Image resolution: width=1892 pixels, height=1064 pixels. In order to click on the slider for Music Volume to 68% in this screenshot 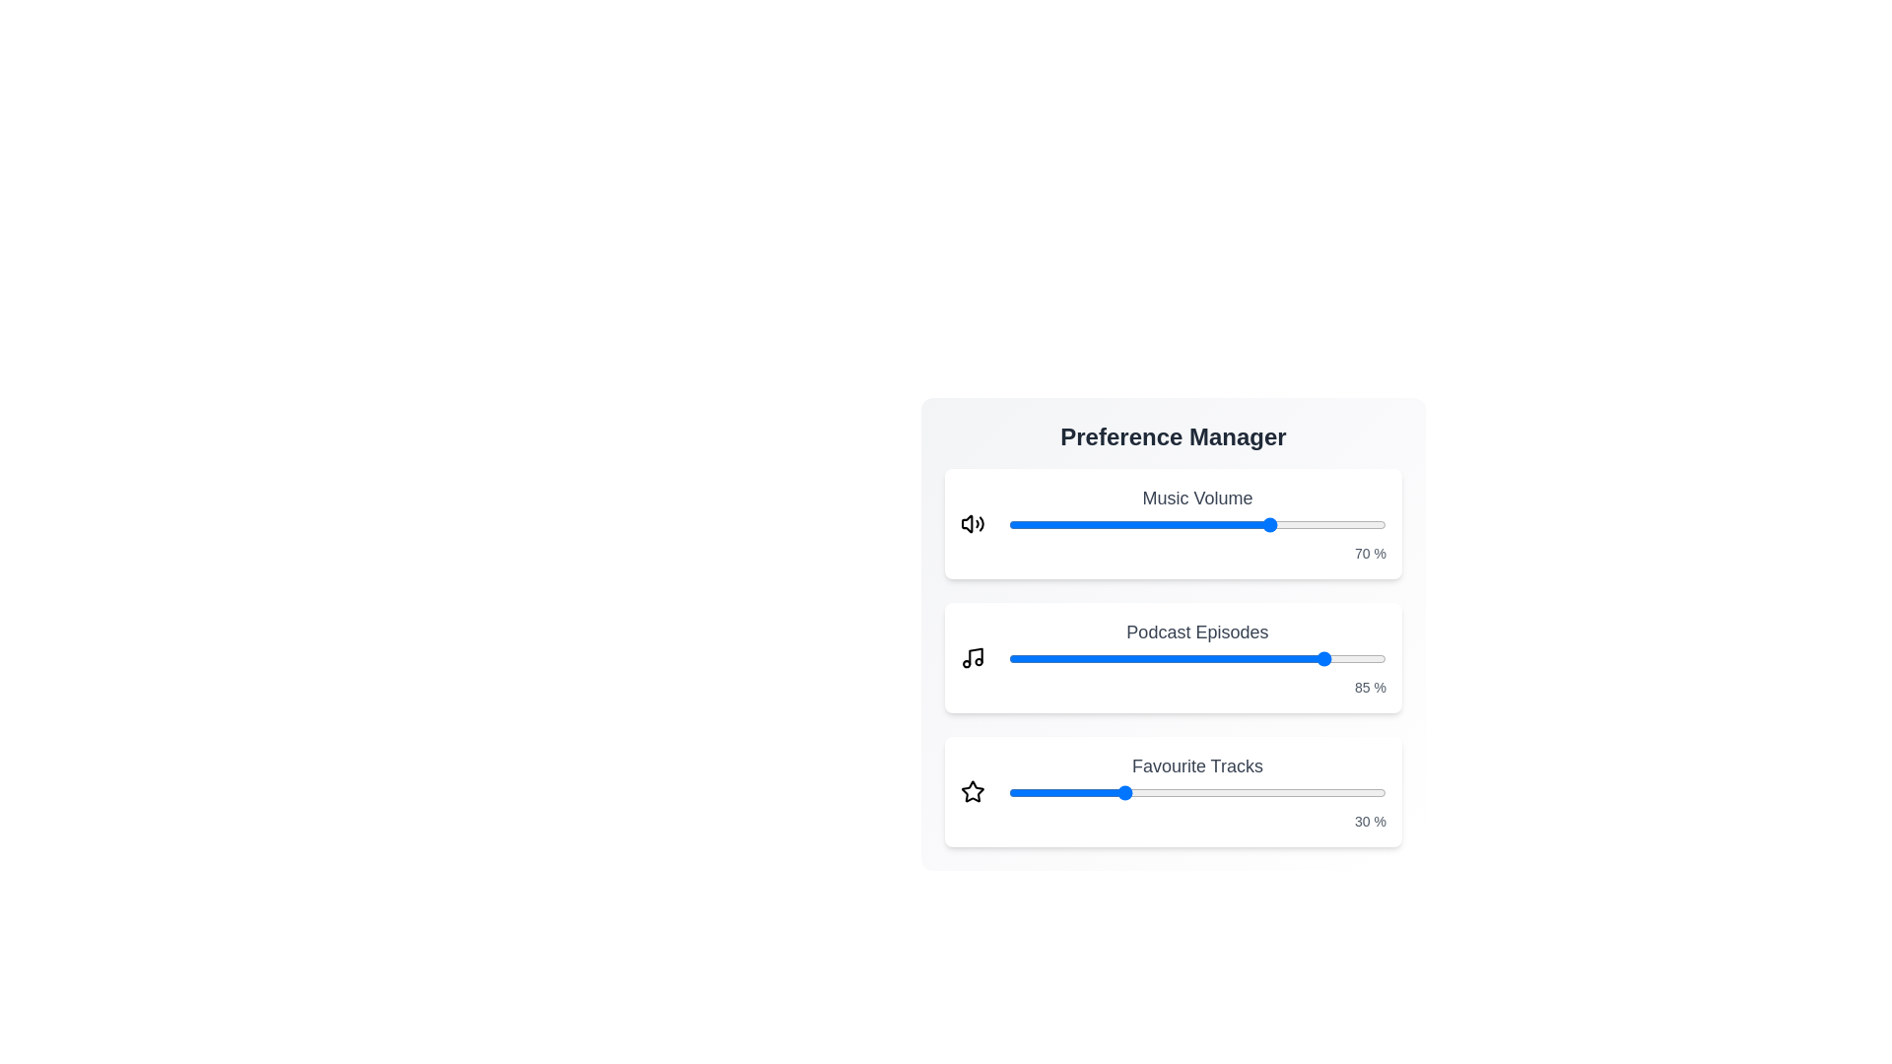, I will do `click(1265, 523)`.